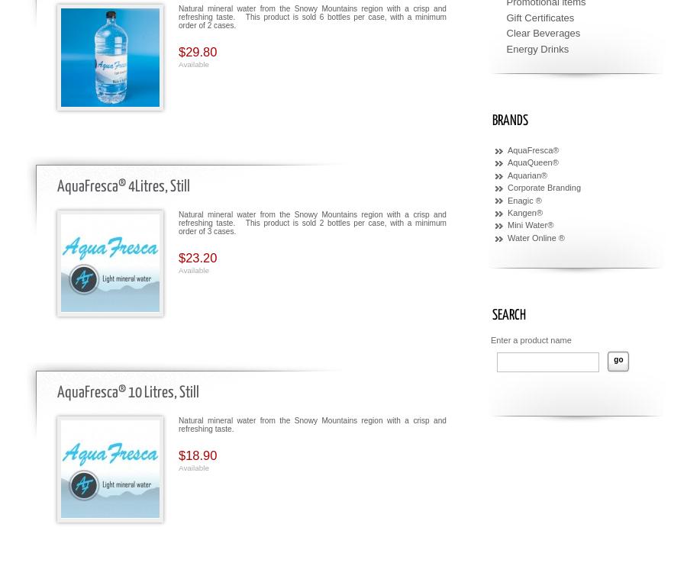  I want to click on 'Corporate Branding', so click(543, 187).